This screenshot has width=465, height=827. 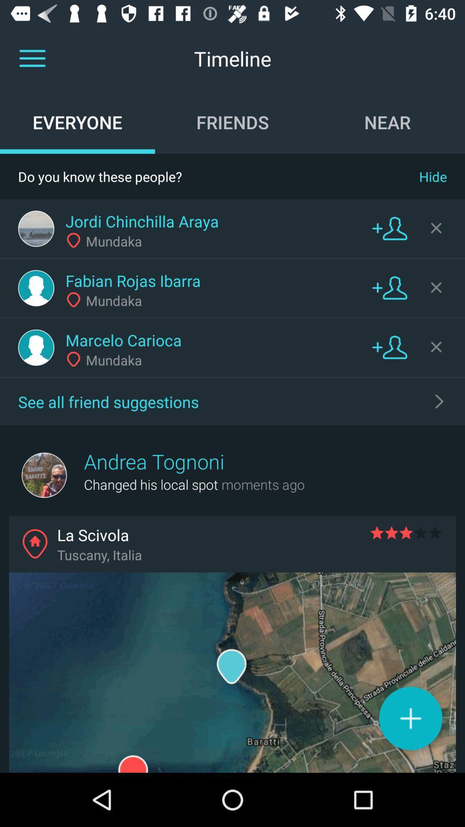 What do you see at coordinates (436, 287) in the screenshot?
I see `delete person` at bounding box center [436, 287].